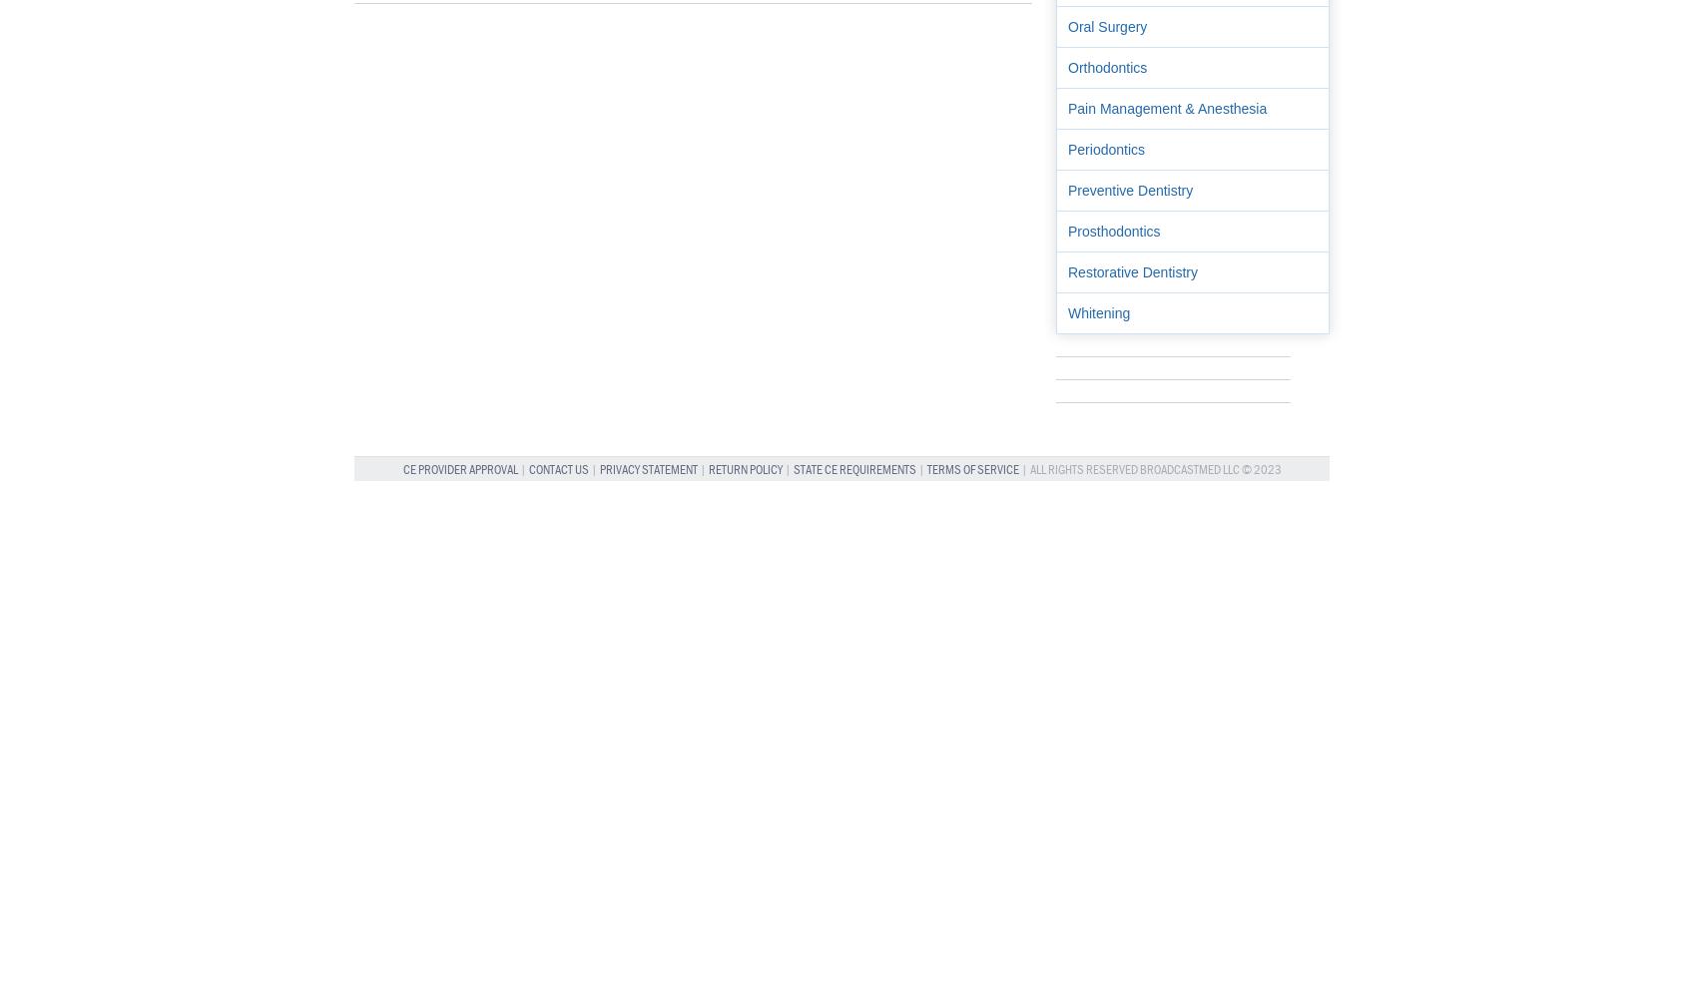  I want to click on 'Pain Management & Anesthesia', so click(1167, 107).